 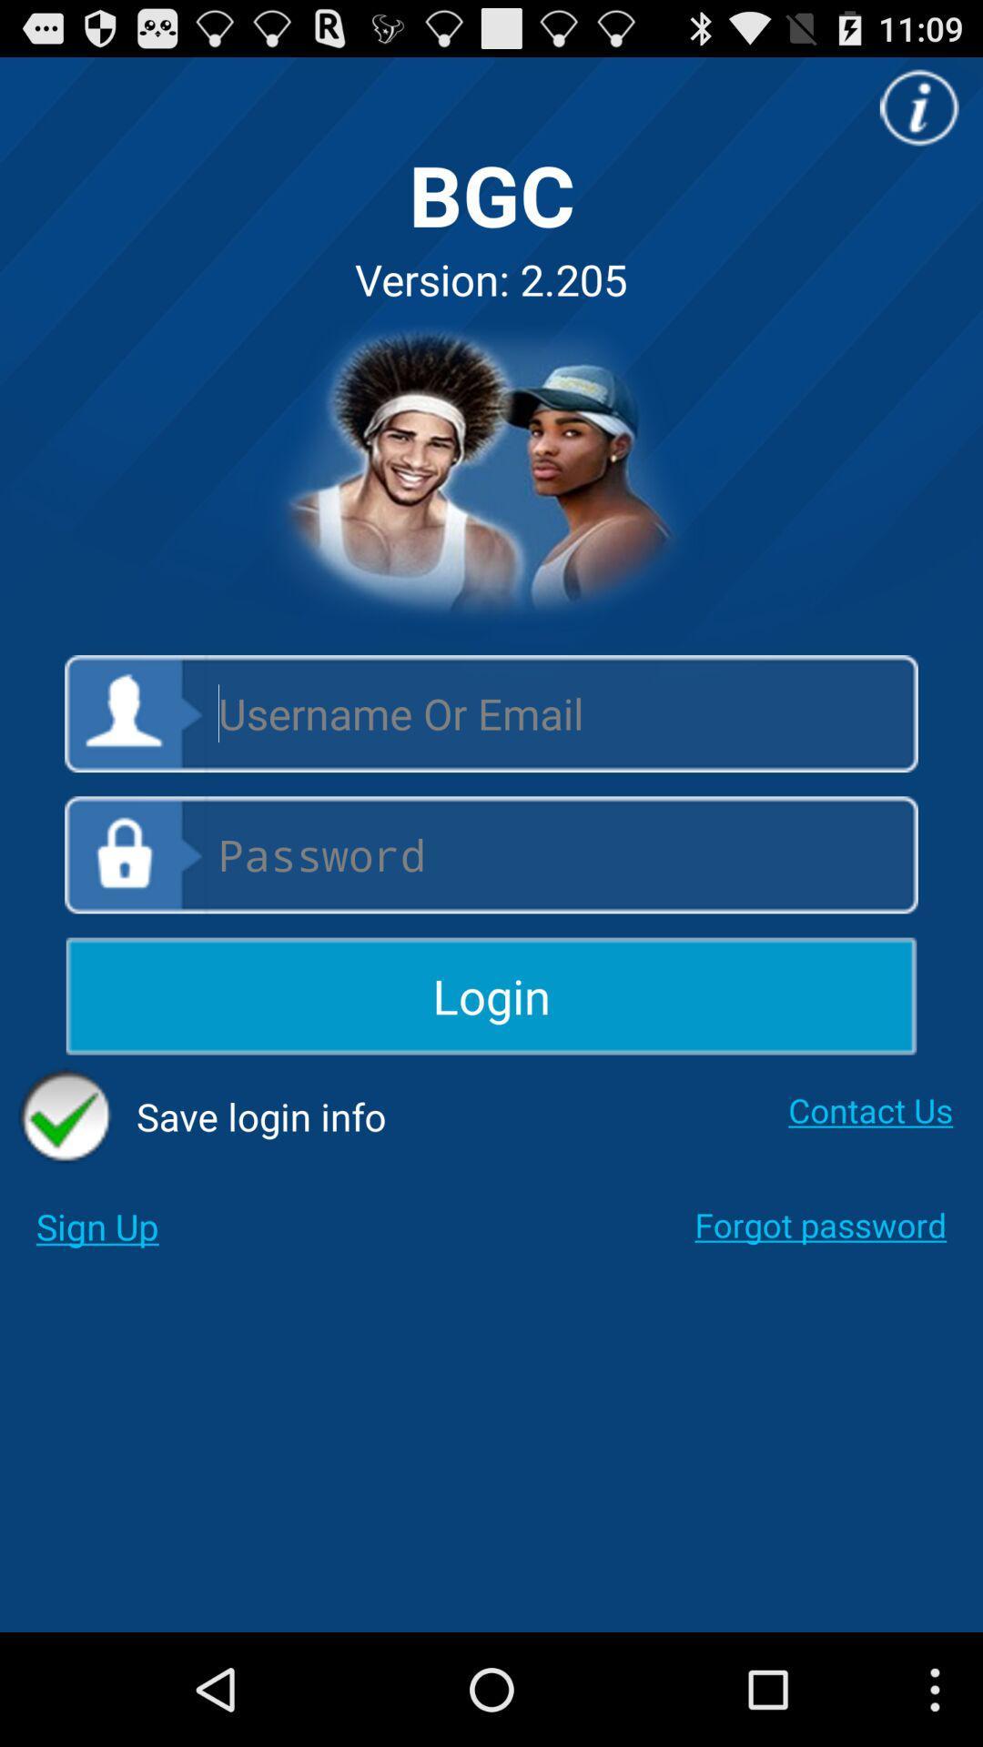 I want to click on app next to the sign up icon, so click(x=820, y=1225).